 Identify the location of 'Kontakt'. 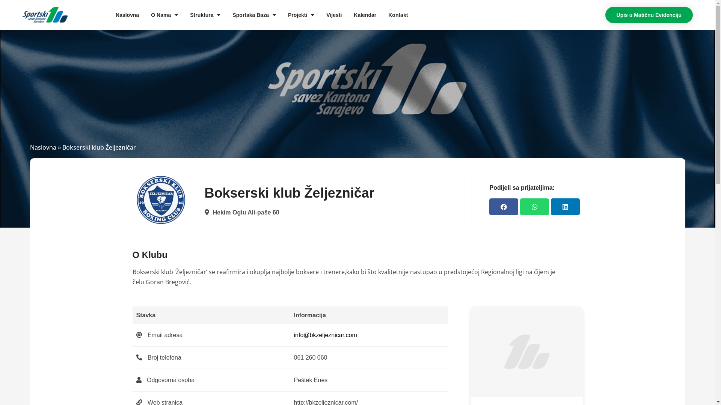
(398, 15).